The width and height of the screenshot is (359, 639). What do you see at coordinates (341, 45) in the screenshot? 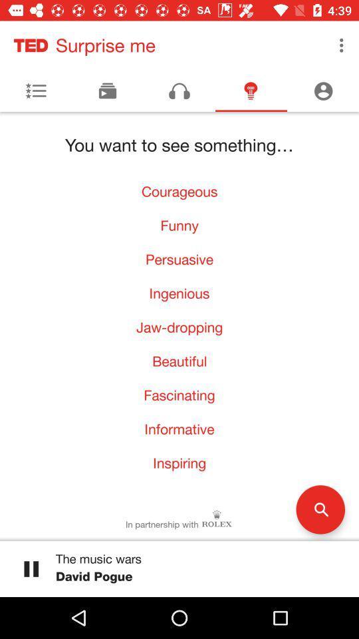
I see `the item next to the surprise me item` at bounding box center [341, 45].